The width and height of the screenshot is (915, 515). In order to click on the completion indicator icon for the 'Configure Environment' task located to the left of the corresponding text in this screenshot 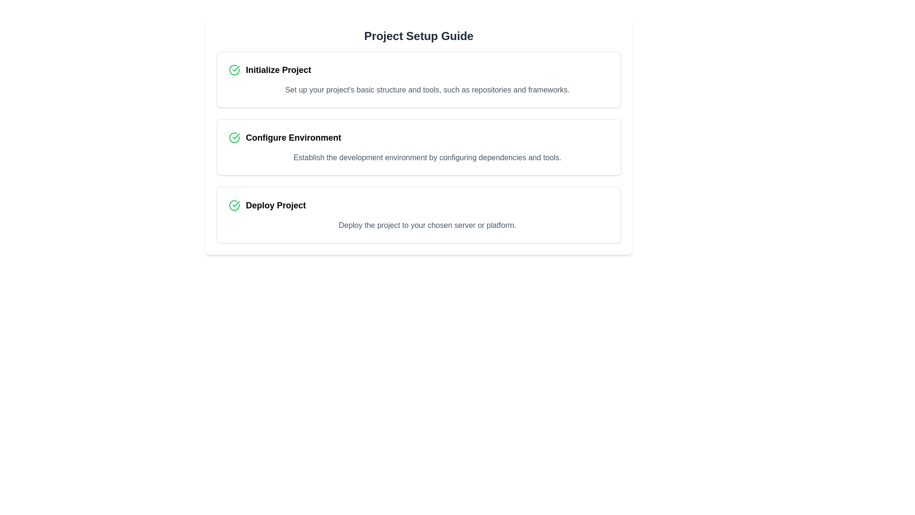, I will do `click(234, 138)`.